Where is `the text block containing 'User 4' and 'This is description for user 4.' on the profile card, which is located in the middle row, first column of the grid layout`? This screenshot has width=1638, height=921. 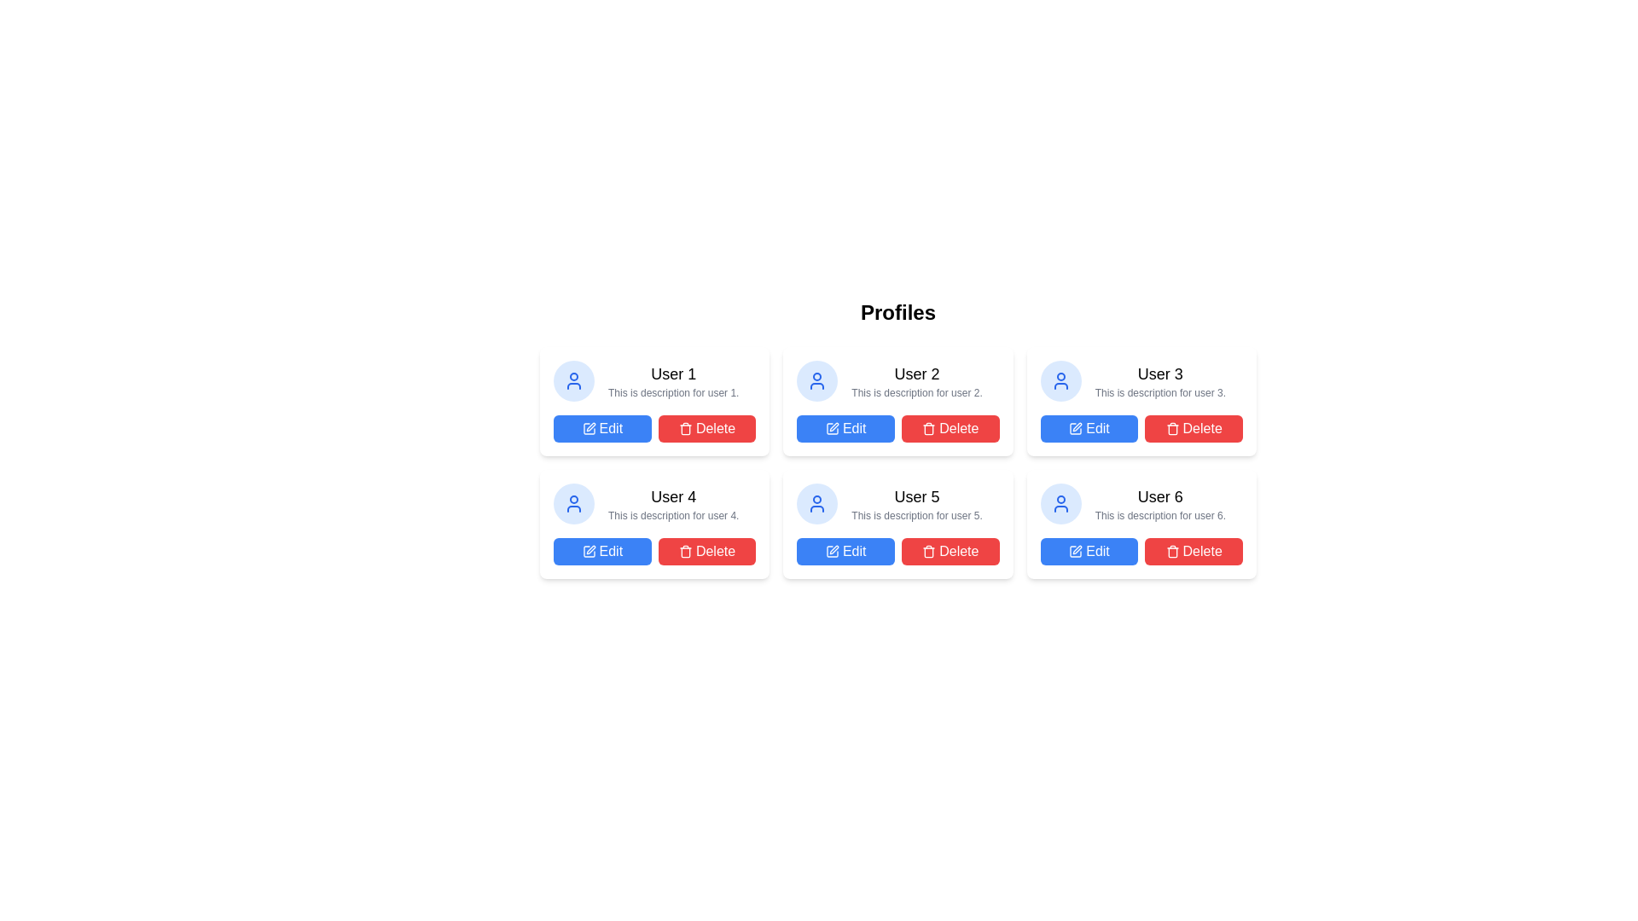 the text block containing 'User 4' and 'This is description for user 4.' on the profile card, which is located in the middle row, first column of the grid layout is located at coordinates (653, 502).